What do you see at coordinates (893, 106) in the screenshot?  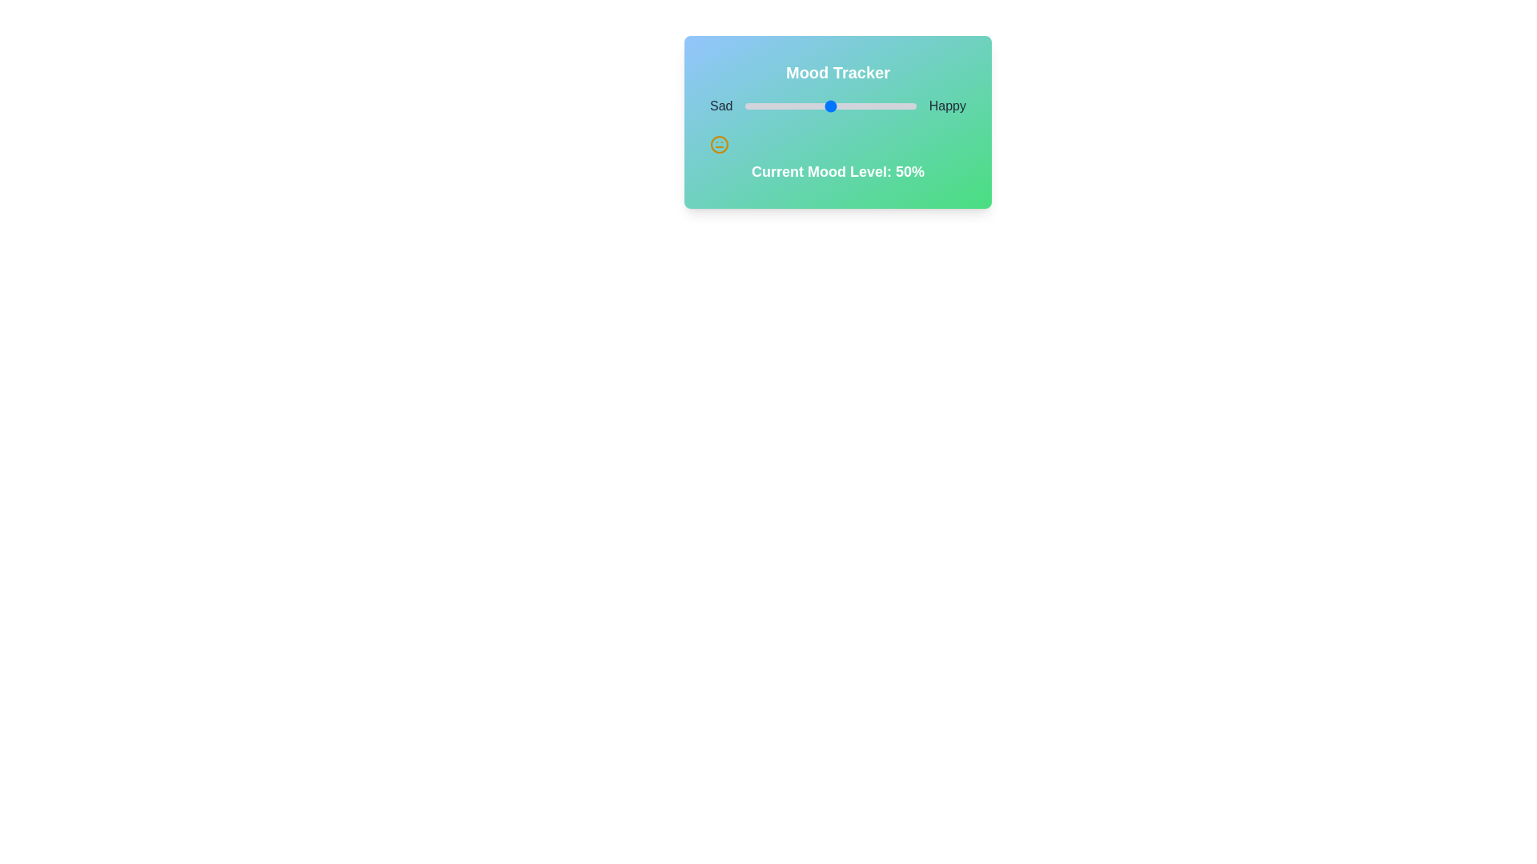 I see `the mood slider to set the mood value to 87` at bounding box center [893, 106].